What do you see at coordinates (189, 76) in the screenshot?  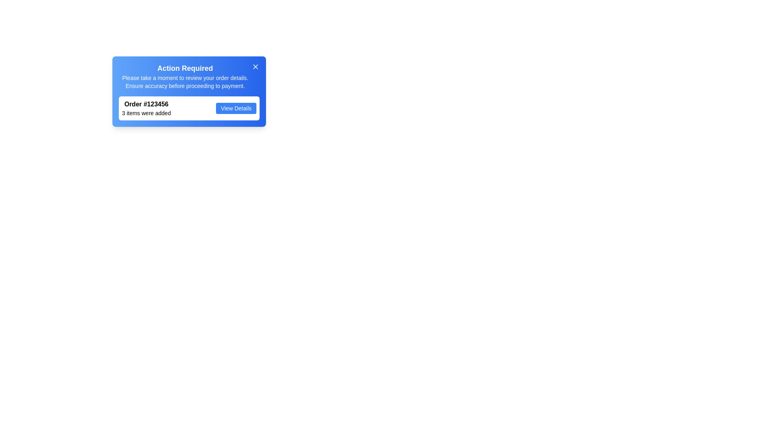 I see `the text block titled 'Action Required' which contains important order review instructions, located in the upper section of the notification card` at bounding box center [189, 76].